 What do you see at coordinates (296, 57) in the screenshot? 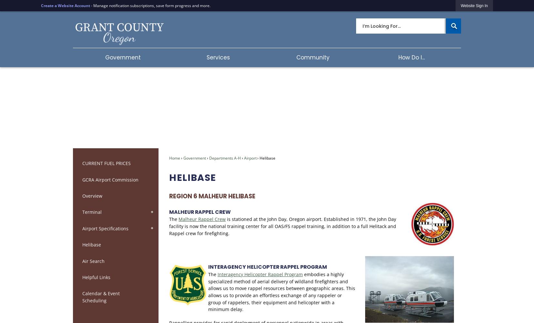
I see `'Community'` at bounding box center [296, 57].